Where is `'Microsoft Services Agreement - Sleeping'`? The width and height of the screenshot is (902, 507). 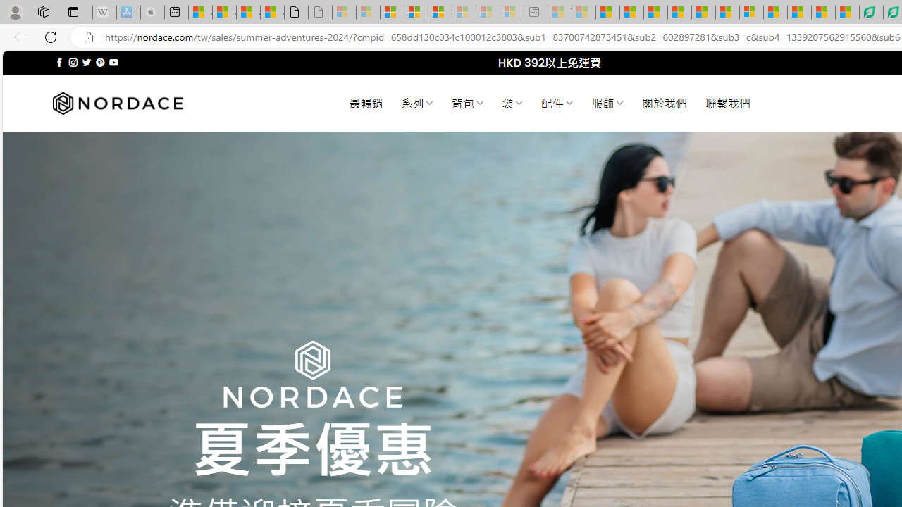
'Microsoft Services Agreement - Sleeping' is located at coordinates (368, 12).